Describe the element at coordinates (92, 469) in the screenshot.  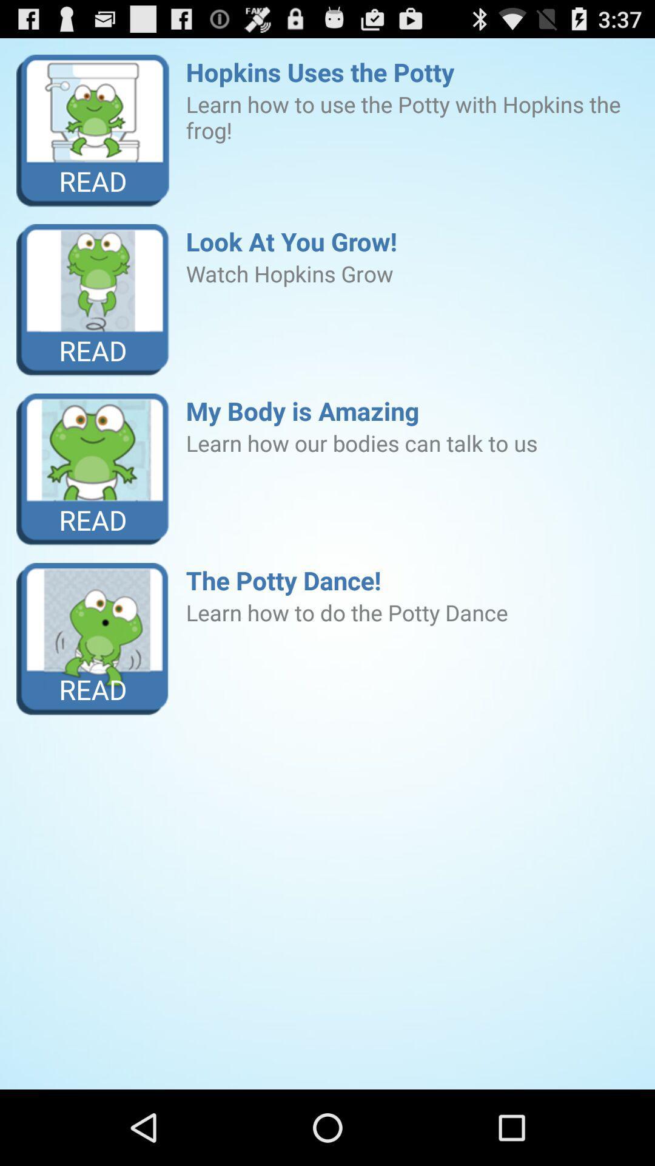
I see `the icon next to the my body is app` at that location.